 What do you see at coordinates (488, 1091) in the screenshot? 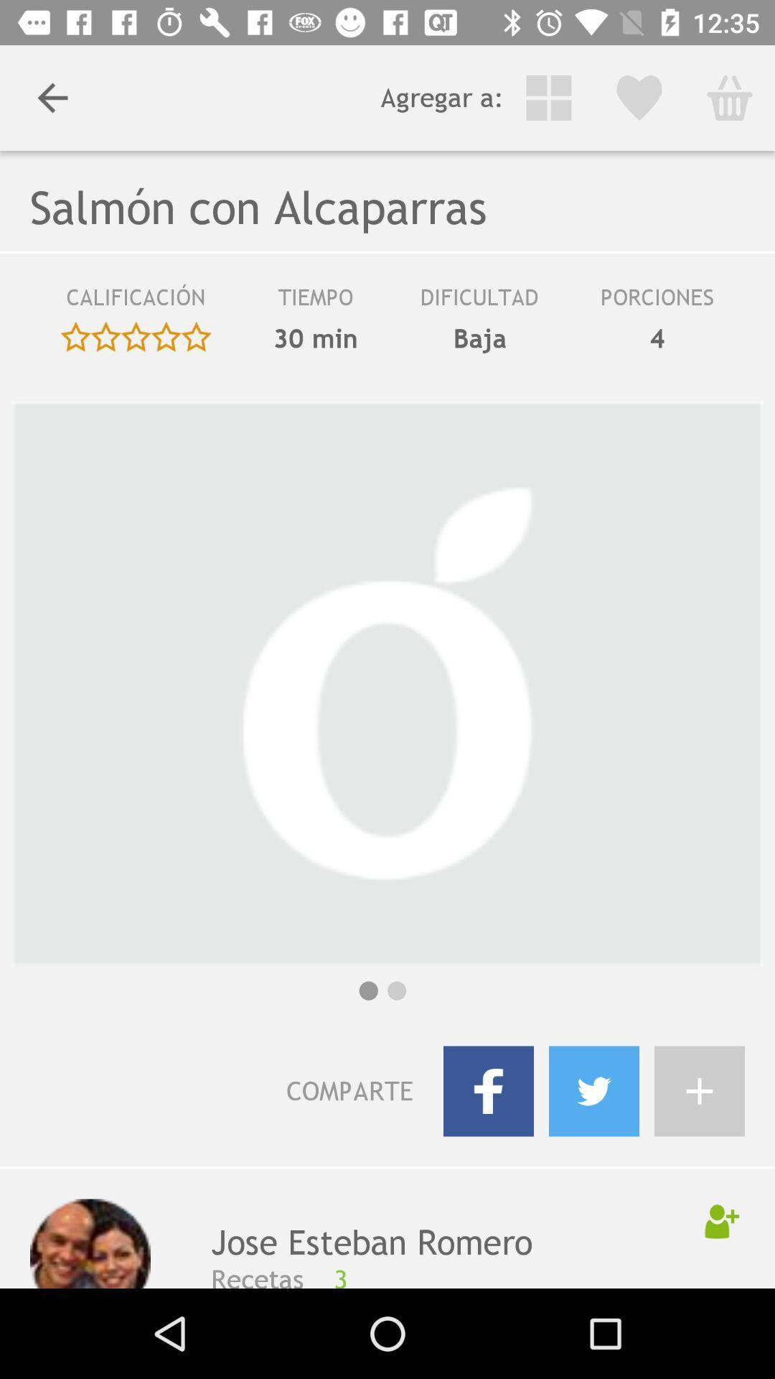
I see `facebook` at bounding box center [488, 1091].